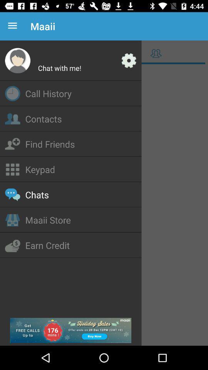  Describe the element at coordinates (14, 26) in the screenshot. I see `the icon to the left of the maaii icon` at that location.